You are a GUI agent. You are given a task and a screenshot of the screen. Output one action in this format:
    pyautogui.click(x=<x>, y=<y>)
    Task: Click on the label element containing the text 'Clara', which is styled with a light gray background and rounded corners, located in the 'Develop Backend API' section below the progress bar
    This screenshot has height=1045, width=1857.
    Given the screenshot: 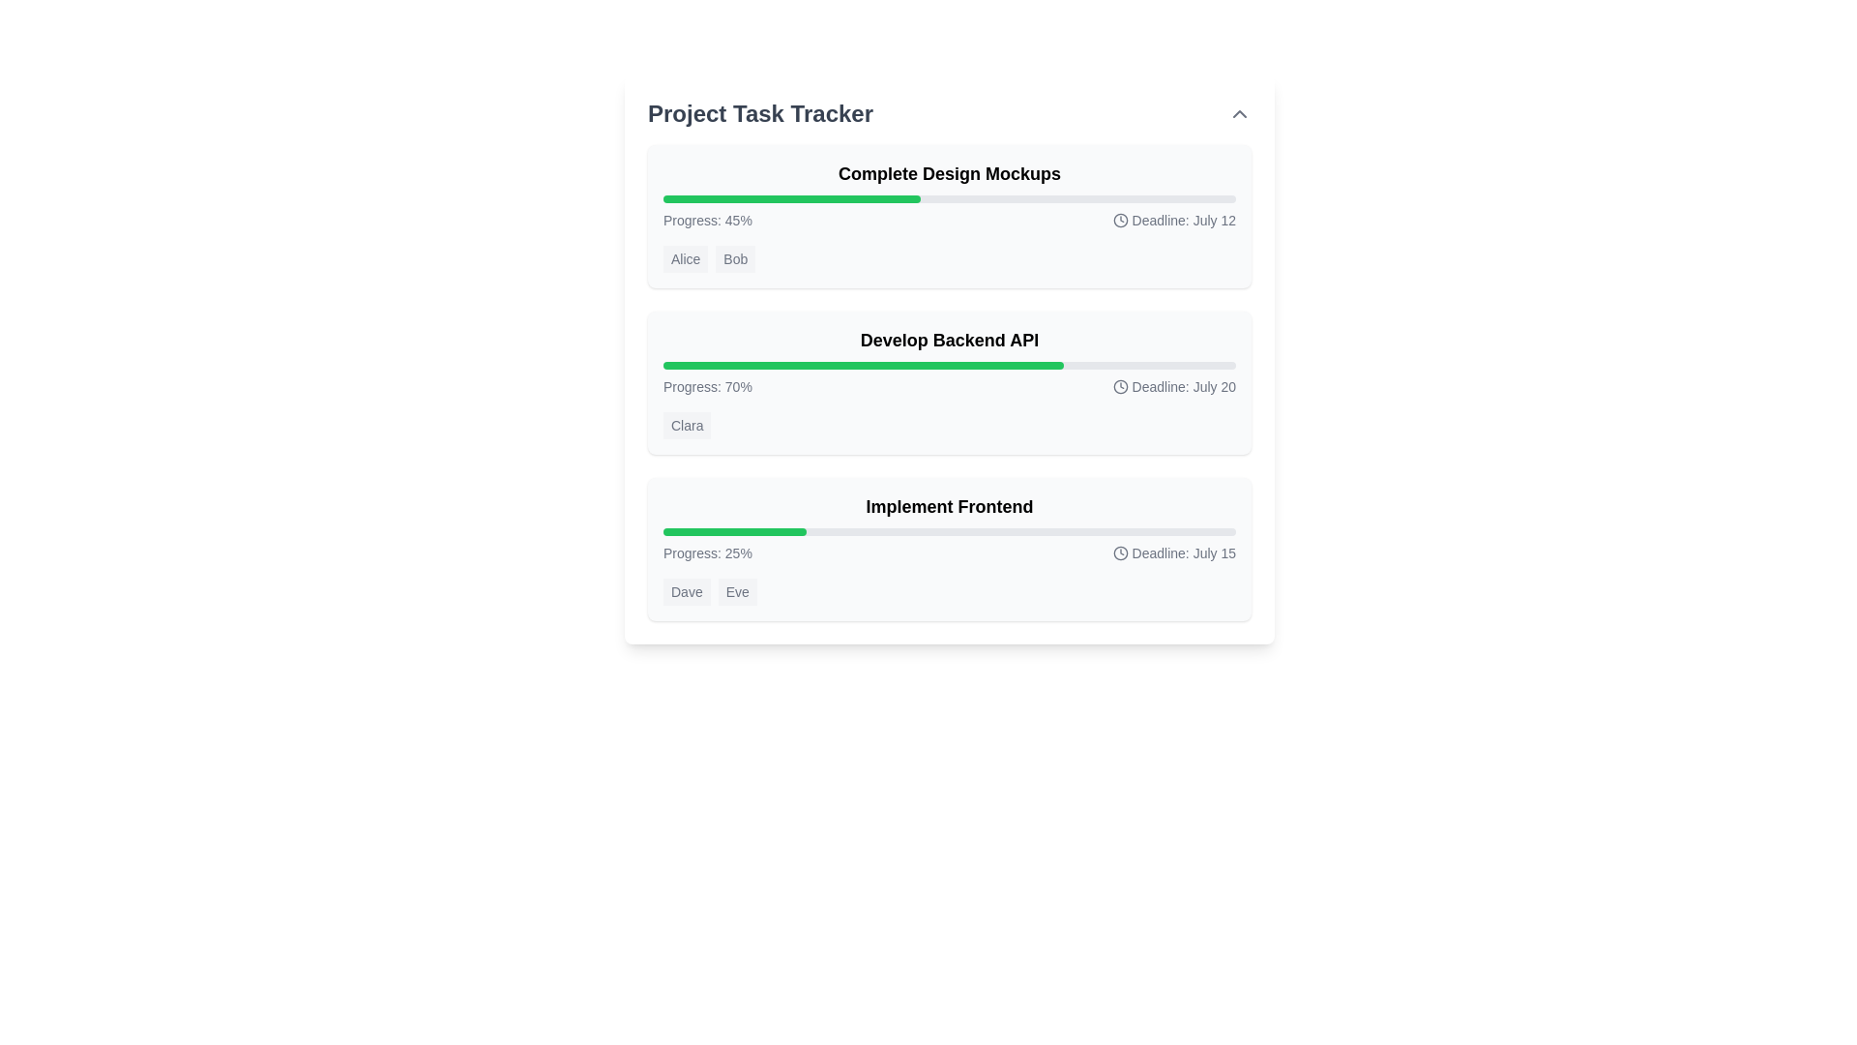 What is the action you would take?
    pyautogui.click(x=687, y=424)
    